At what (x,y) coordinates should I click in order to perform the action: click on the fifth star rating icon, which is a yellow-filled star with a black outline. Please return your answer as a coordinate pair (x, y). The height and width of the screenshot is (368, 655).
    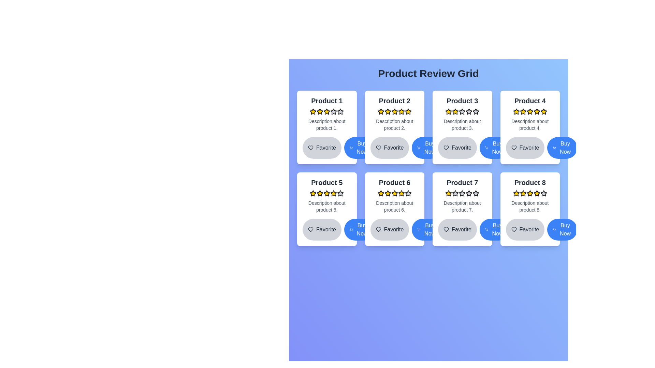
    Looking at the image, I should click on (388, 111).